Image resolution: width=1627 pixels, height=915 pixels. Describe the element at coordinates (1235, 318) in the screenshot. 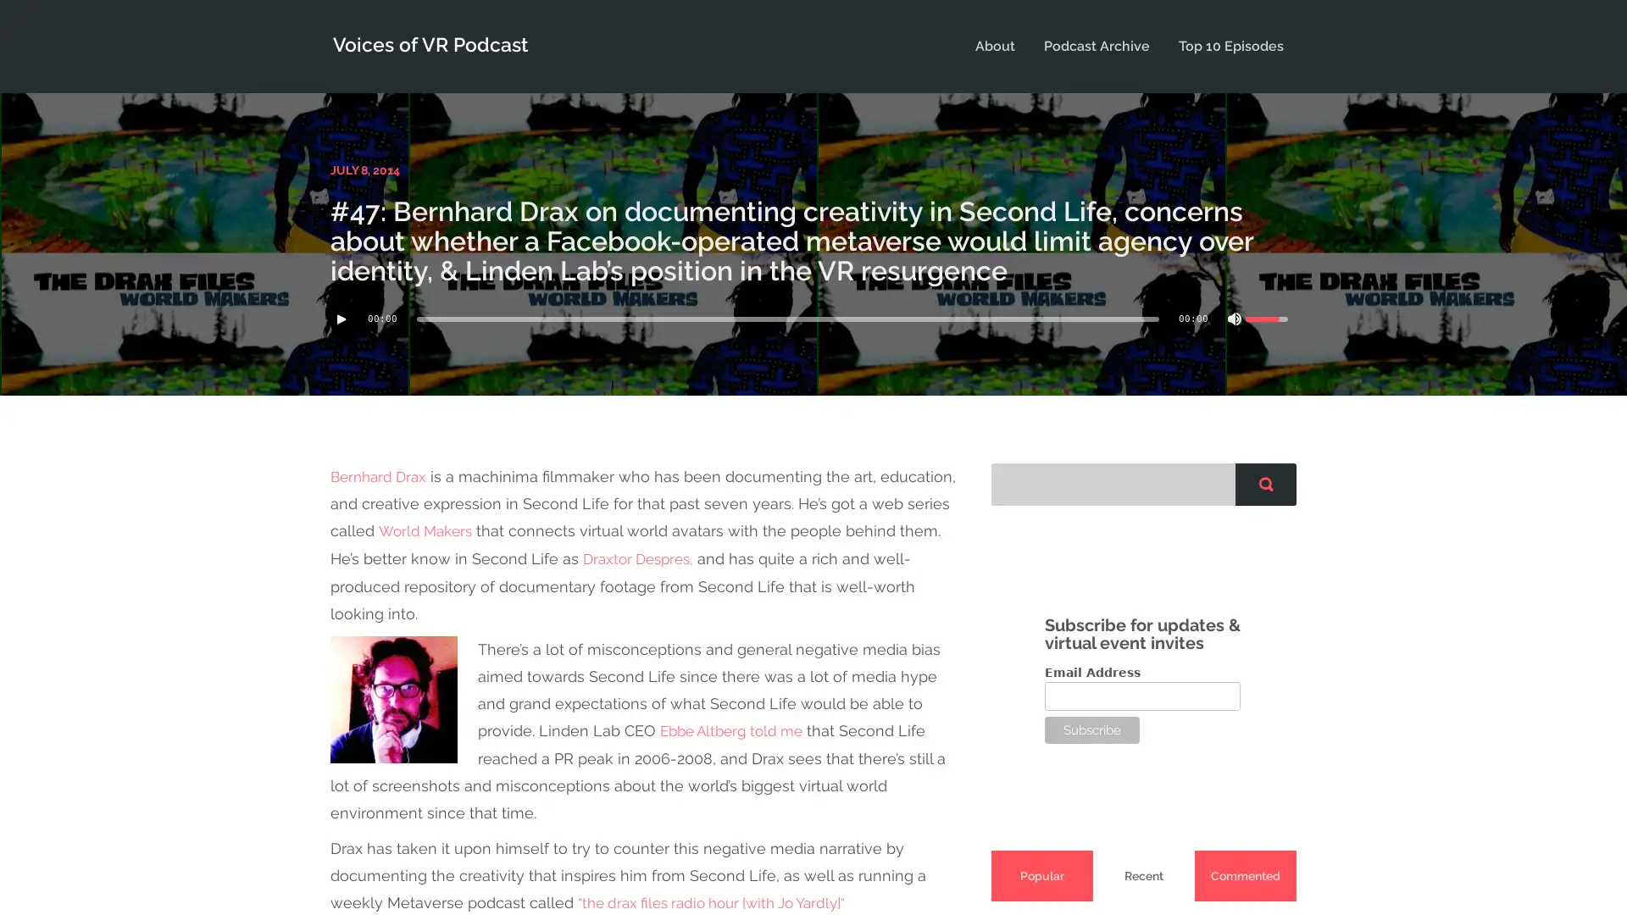

I see `Mute Toggle` at that location.